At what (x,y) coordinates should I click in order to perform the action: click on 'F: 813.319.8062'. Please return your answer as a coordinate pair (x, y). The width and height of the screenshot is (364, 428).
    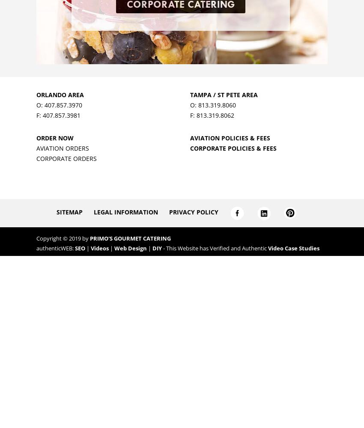
    Looking at the image, I should click on (212, 115).